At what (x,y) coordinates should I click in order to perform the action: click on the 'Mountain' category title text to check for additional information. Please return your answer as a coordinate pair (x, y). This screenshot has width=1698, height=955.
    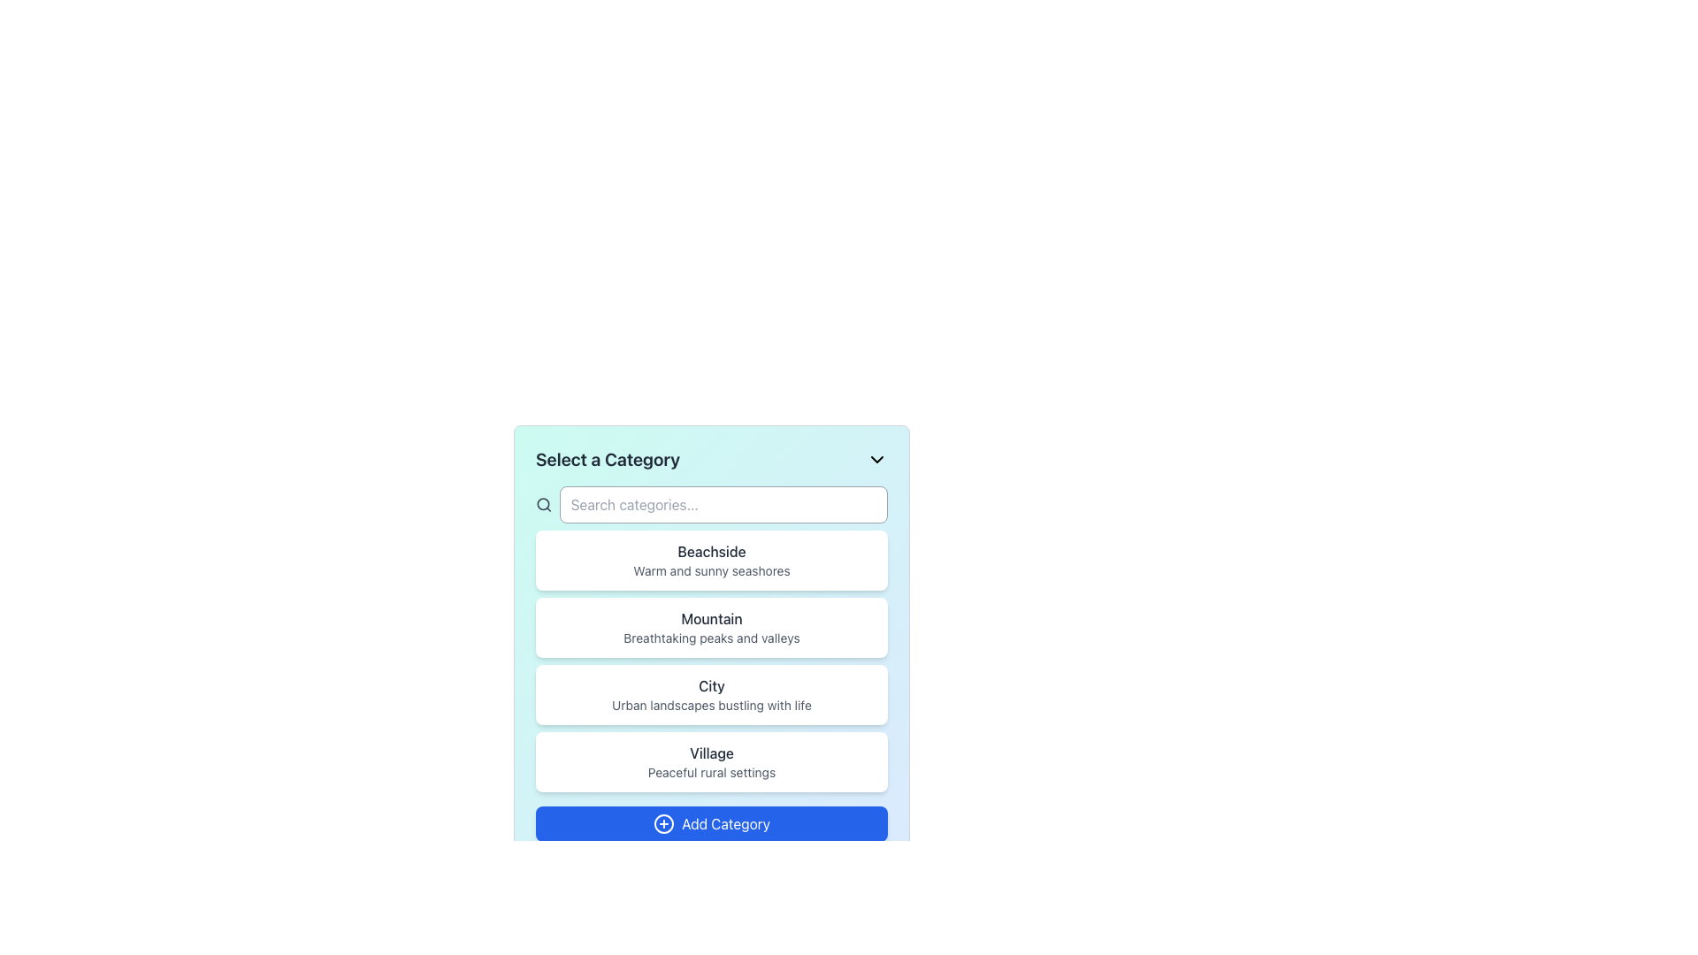
    Looking at the image, I should click on (712, 617).